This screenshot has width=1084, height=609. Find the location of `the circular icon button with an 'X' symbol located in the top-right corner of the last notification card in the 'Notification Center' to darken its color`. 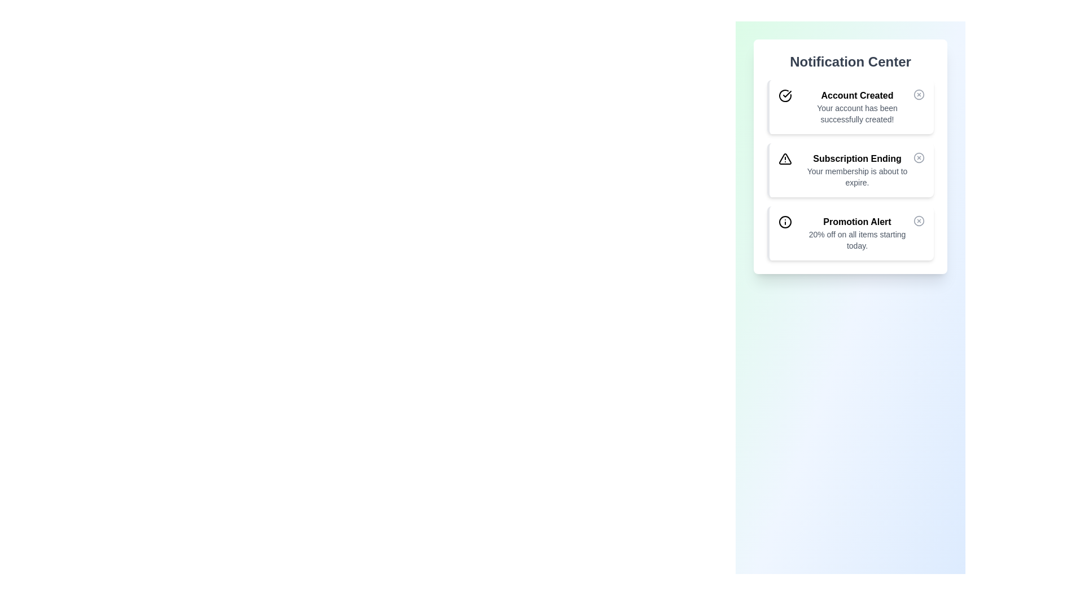

the circular icon button with an 'X' symbol located in the top-right corner of the last notification card in the 'Notification Center' to darken its color is located at coordinates (919, 221).